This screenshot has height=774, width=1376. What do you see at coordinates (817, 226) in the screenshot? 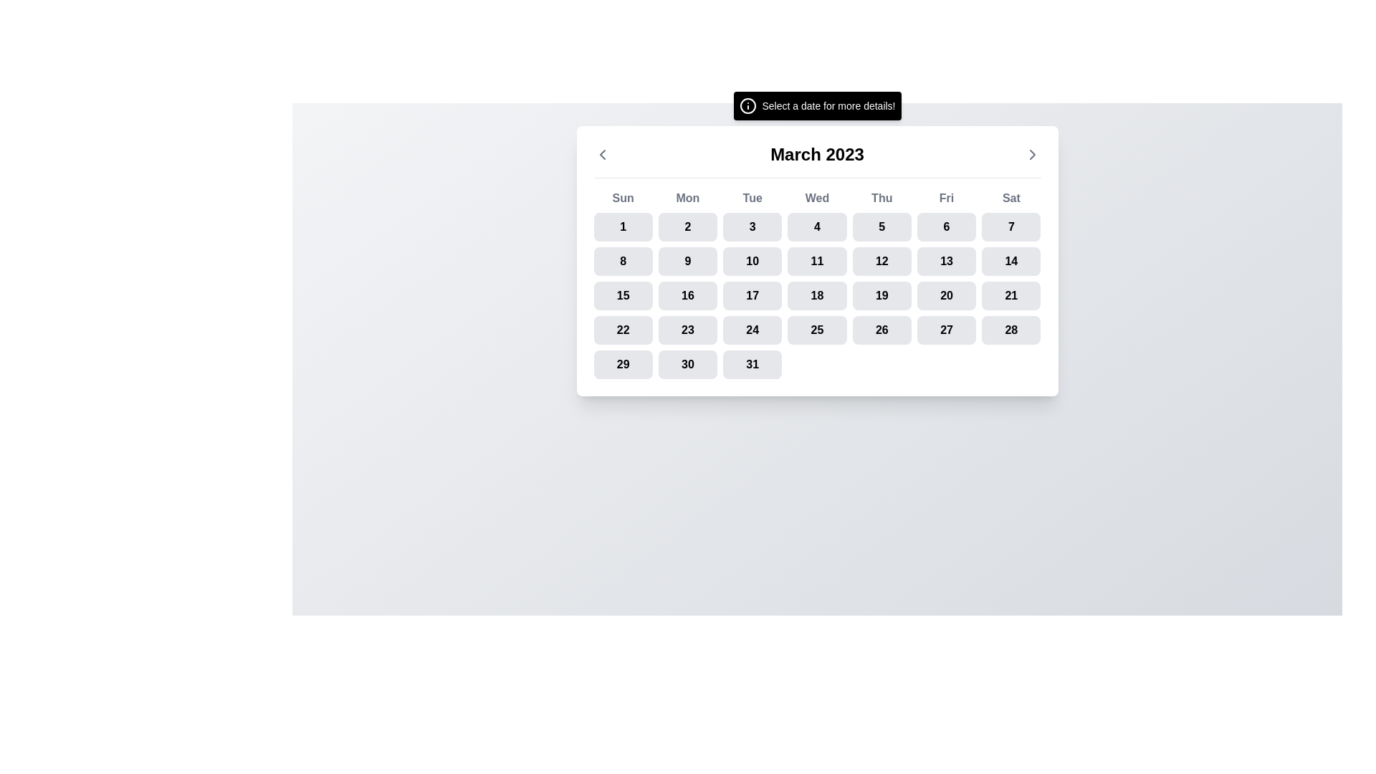
I see `the button representing the date '4' in the monthly calendar view` at bounding box center [817, 226].